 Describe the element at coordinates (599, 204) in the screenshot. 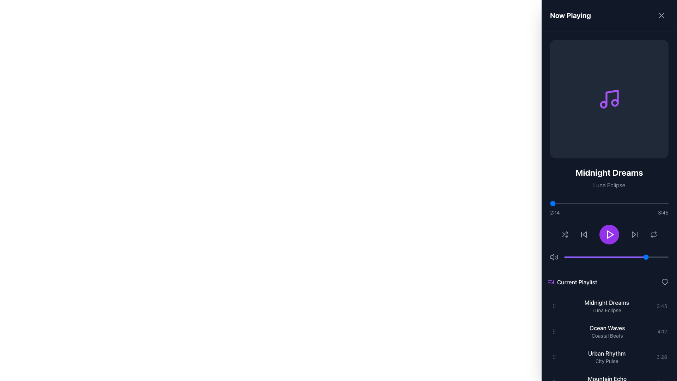

I see `playback position` at that location.